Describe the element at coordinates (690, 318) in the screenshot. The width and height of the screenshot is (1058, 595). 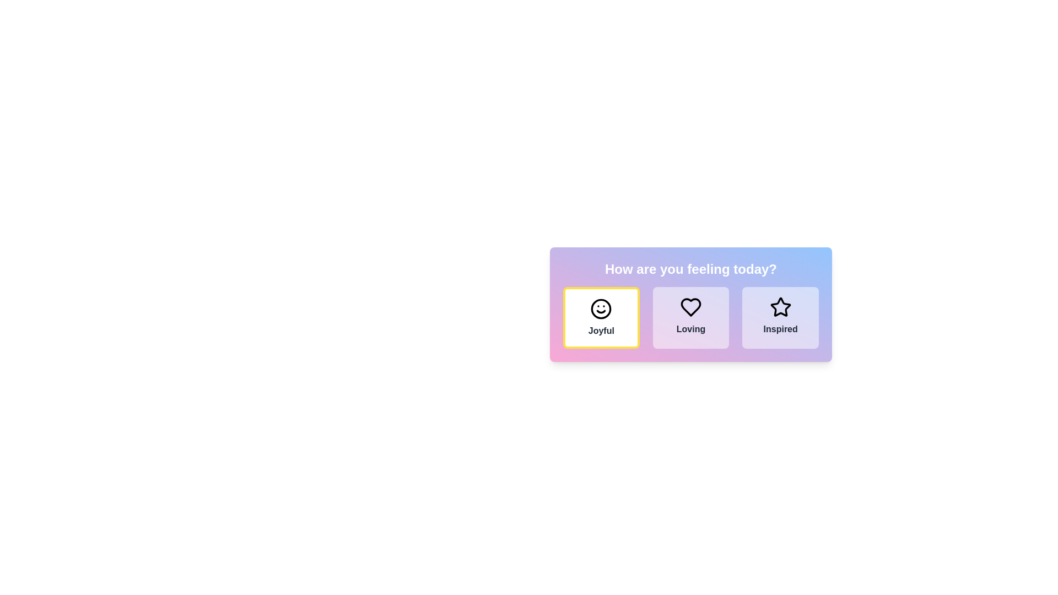
I see `the second selectable button with a heart icon and the text 'Loving'` at that location.